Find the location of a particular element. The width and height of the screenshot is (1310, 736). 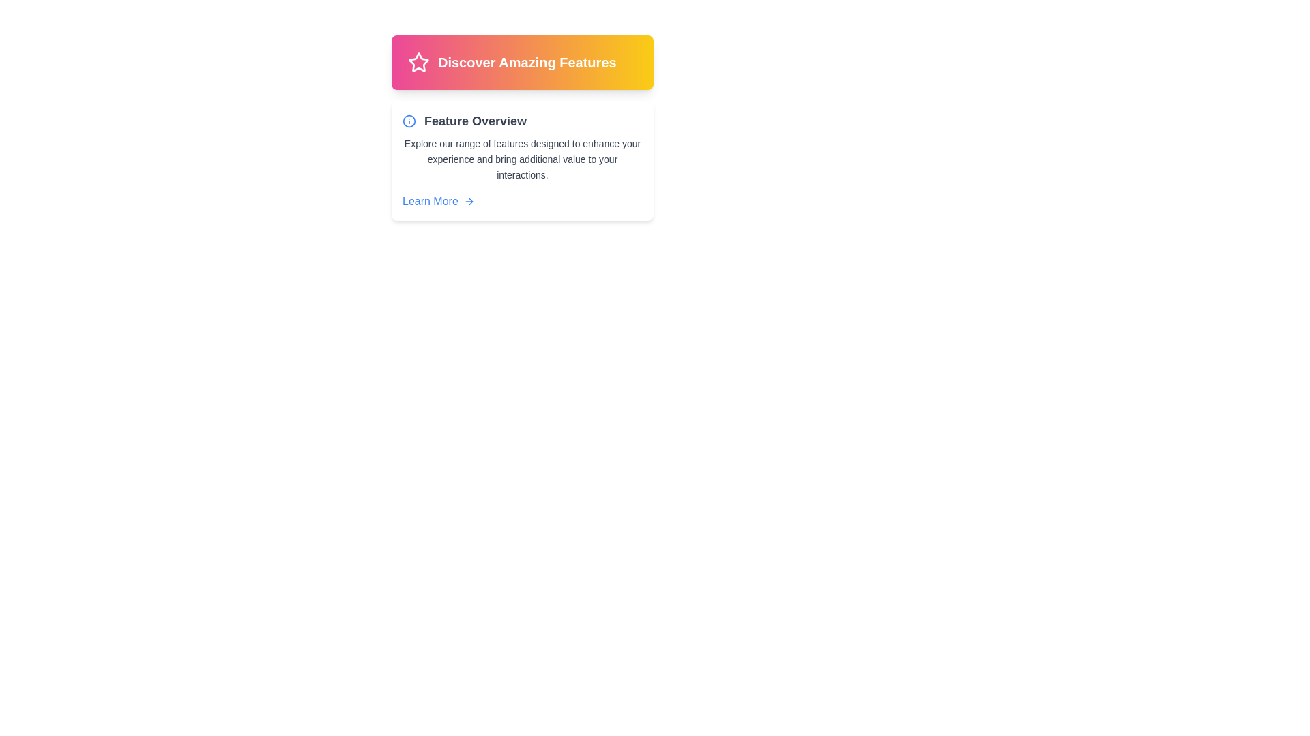

the text element titled 'Feature Overview', which is bolded and larger in font size, located to the right of the info icon within the 'Discover Amazing Features' section is located at coordinates (475, 120).